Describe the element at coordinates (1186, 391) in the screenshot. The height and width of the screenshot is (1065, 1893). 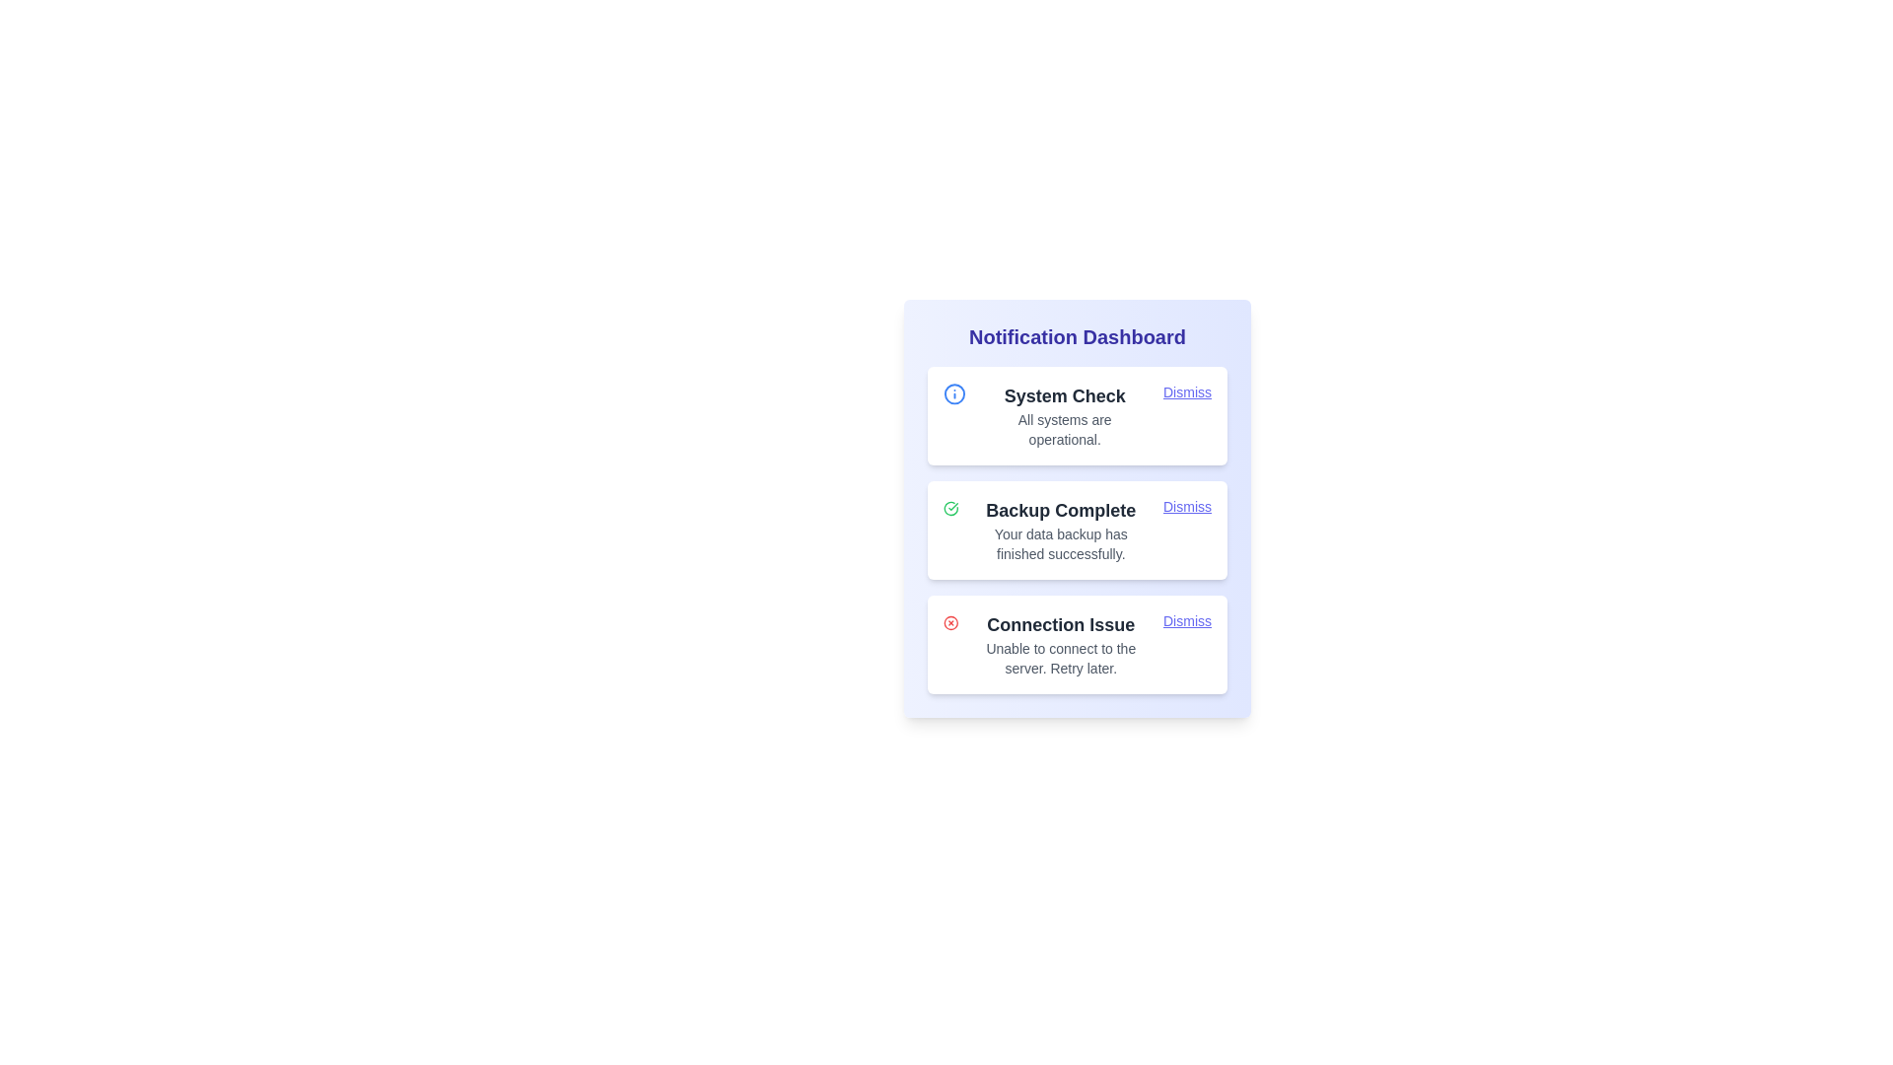
I see `the 'Dismiss' button associated with the 'System Check' notification` at that location.